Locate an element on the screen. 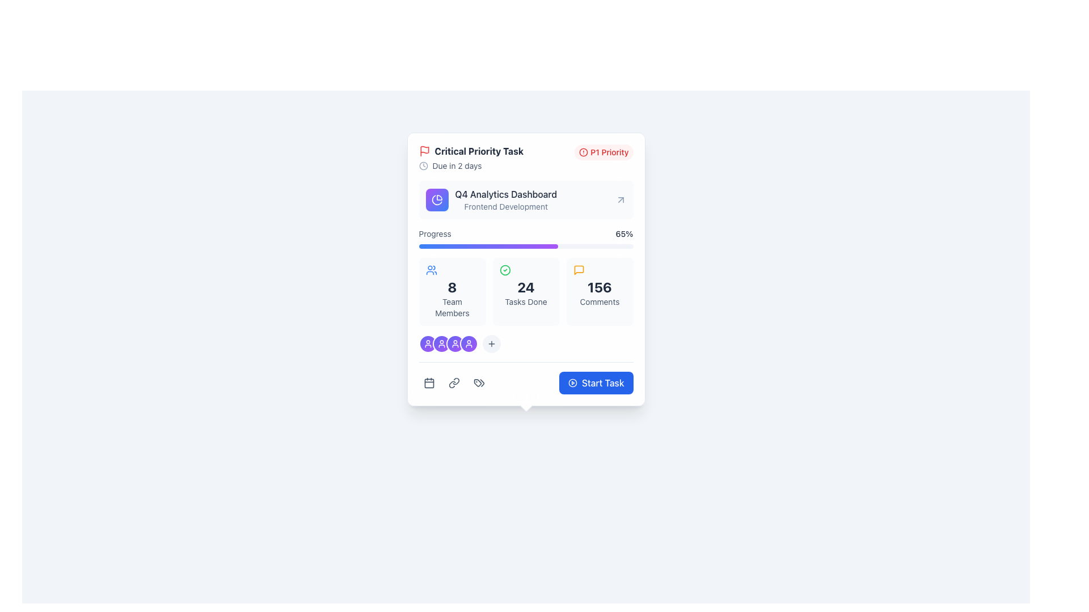  the circular alert icon with a red border and text, located within the 'P1 Priority' badge at the top-right corner of the 'Critical Priority Task' card is located at coordinates (584, 152).